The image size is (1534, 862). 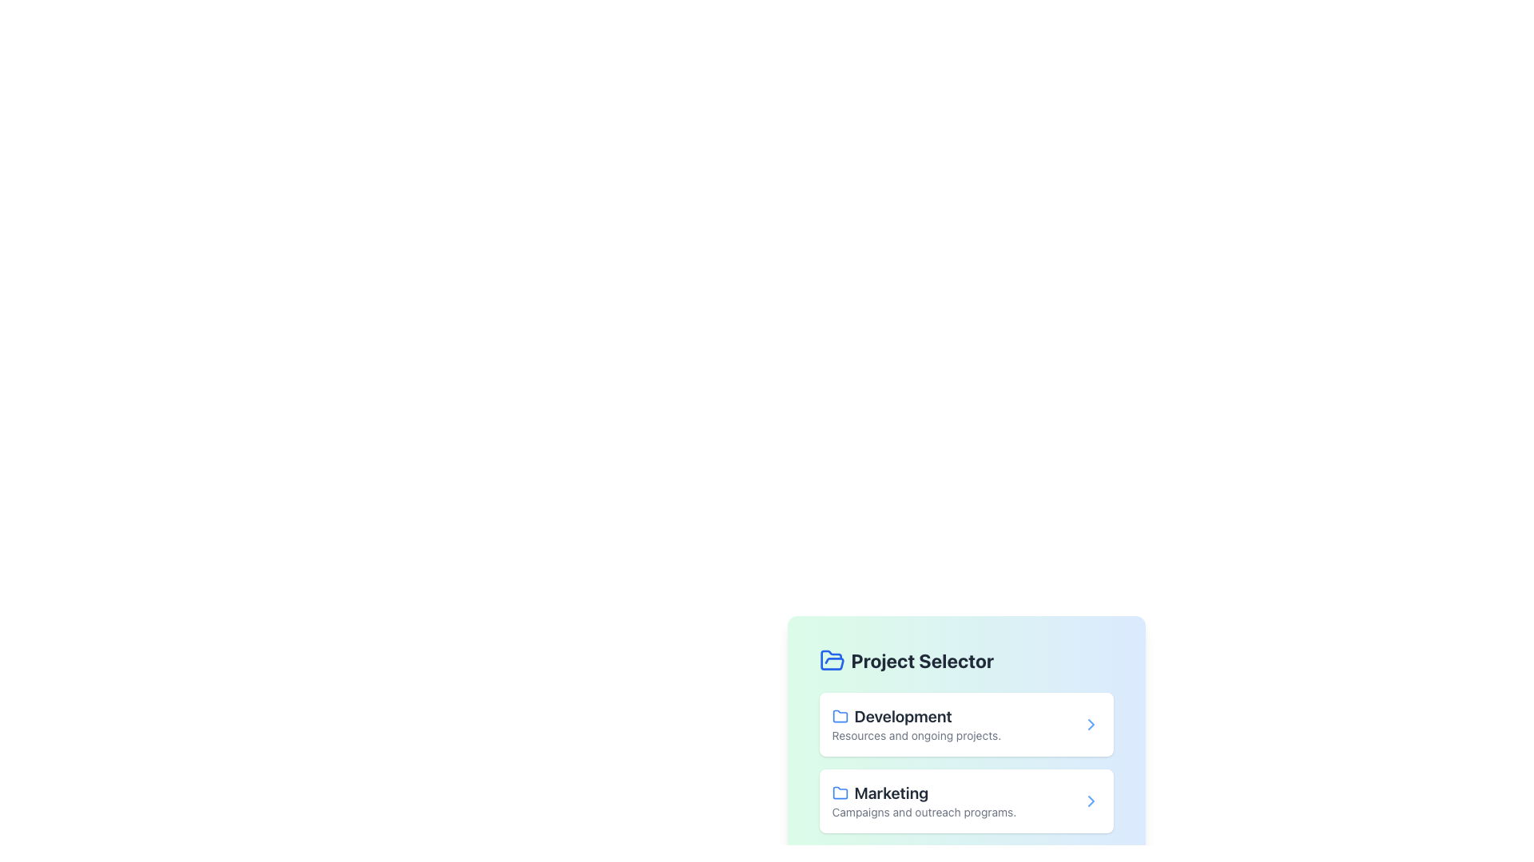 What do you see at coordinates (831, 661) in the screenshot?
I see `the decorative icon representing the project selector functionality located in the panel header titled 'Project Selector'` at bounding box center [831, 661].